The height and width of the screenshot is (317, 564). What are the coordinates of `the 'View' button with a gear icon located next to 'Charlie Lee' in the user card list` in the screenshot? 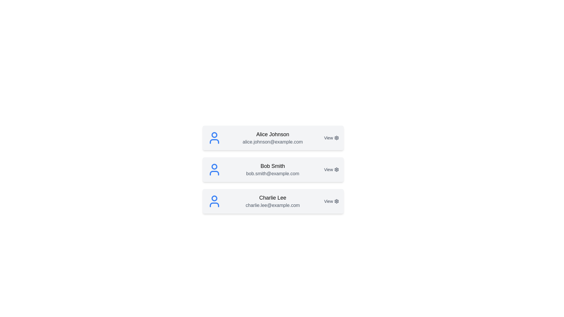 It's located at (331, 201).